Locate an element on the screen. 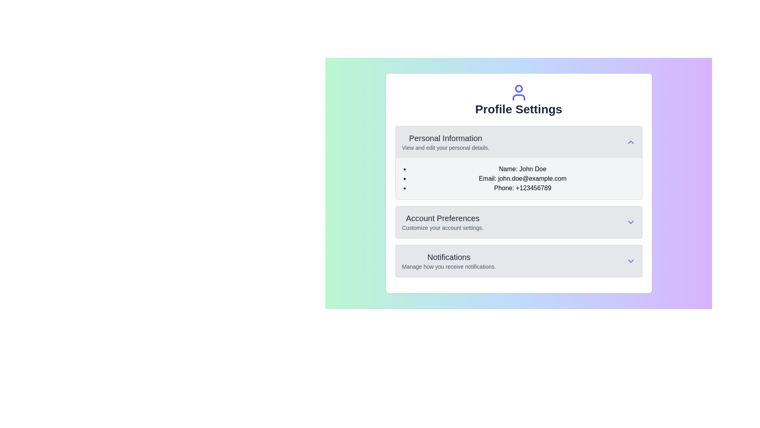 The height and width of the screenshot is (428, 760). the Text label displaying the email address located in the 'Personal Information' section, positioned below 'Name: John Doe' and above 'Phone: +123456789' in the 'Profile Settings' panel is located at coordinates (522, 179).